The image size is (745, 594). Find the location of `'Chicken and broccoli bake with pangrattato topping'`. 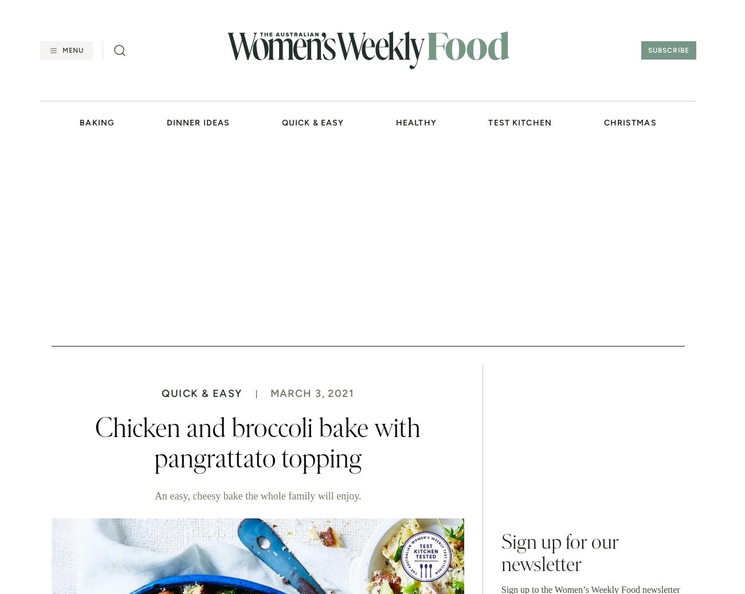

'Chicken and broccoli bake with pangrattato topping' is located at coordinates (257, 443).